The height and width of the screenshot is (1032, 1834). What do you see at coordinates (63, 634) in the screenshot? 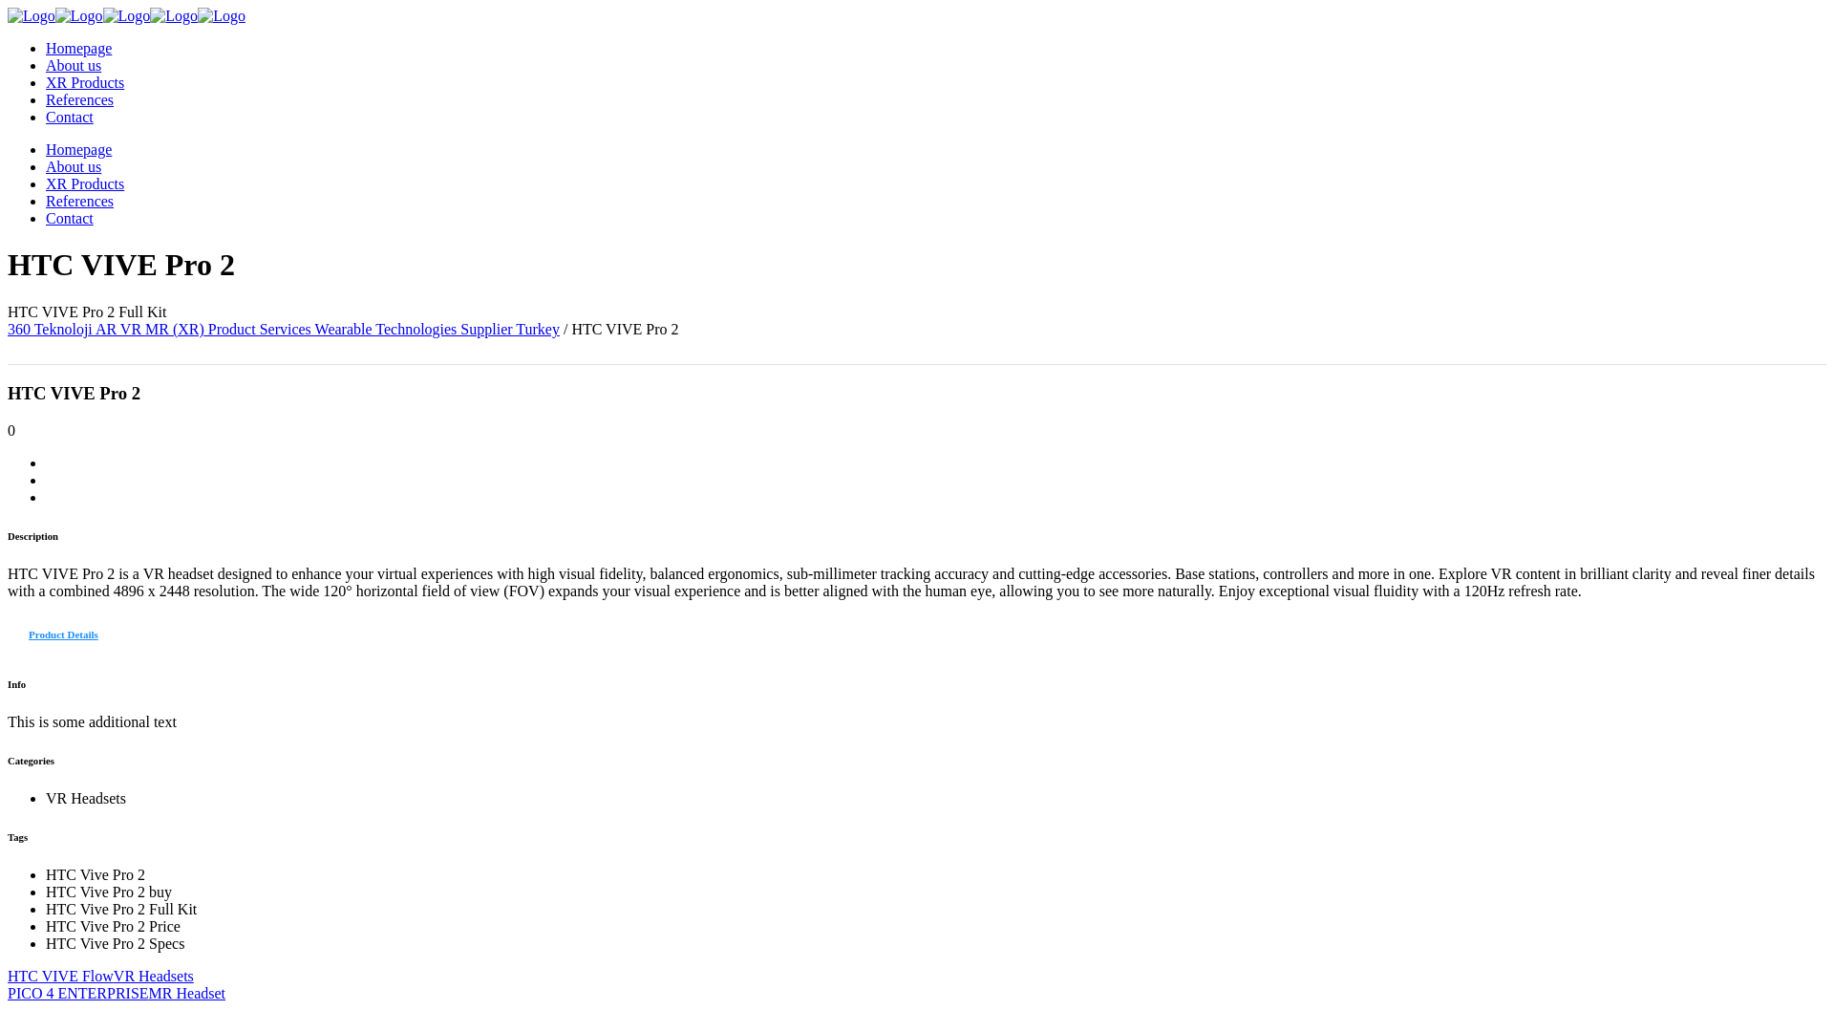
I see `'Product Details'` at bounding box center [63, 634].